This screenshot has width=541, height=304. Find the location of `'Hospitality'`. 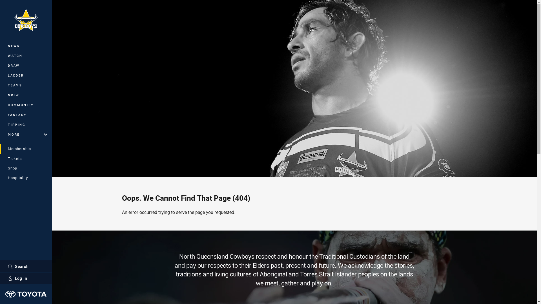

'Hospitality' is located at coordinates (0, 178).